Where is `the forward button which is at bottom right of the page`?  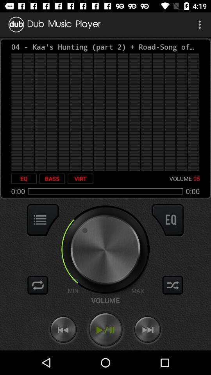
the forward button which is at bottom right of the page is located at coordinates (148, 329).